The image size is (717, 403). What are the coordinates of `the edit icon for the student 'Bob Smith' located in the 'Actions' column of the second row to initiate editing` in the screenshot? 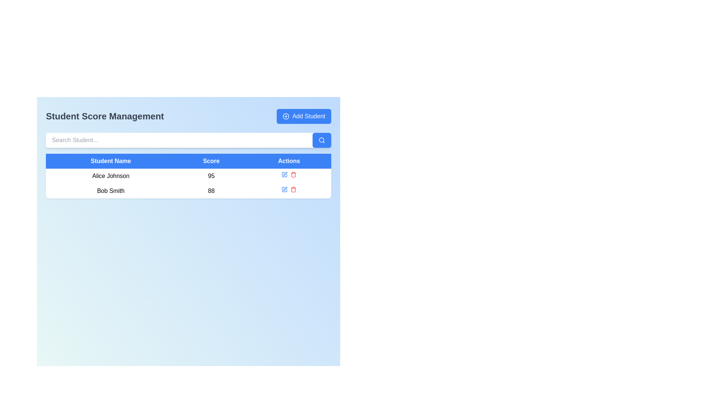 It's located at (285, 188).